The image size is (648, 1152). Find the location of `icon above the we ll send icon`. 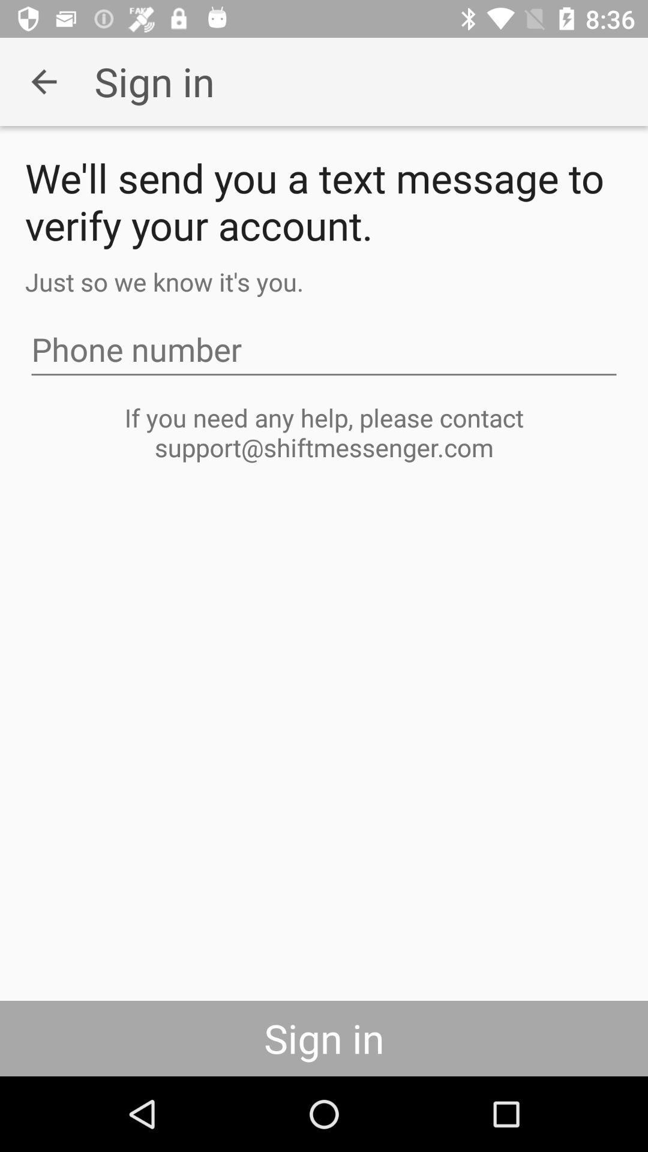

icon above the we ll send icon is located at coordinates (43, 81).